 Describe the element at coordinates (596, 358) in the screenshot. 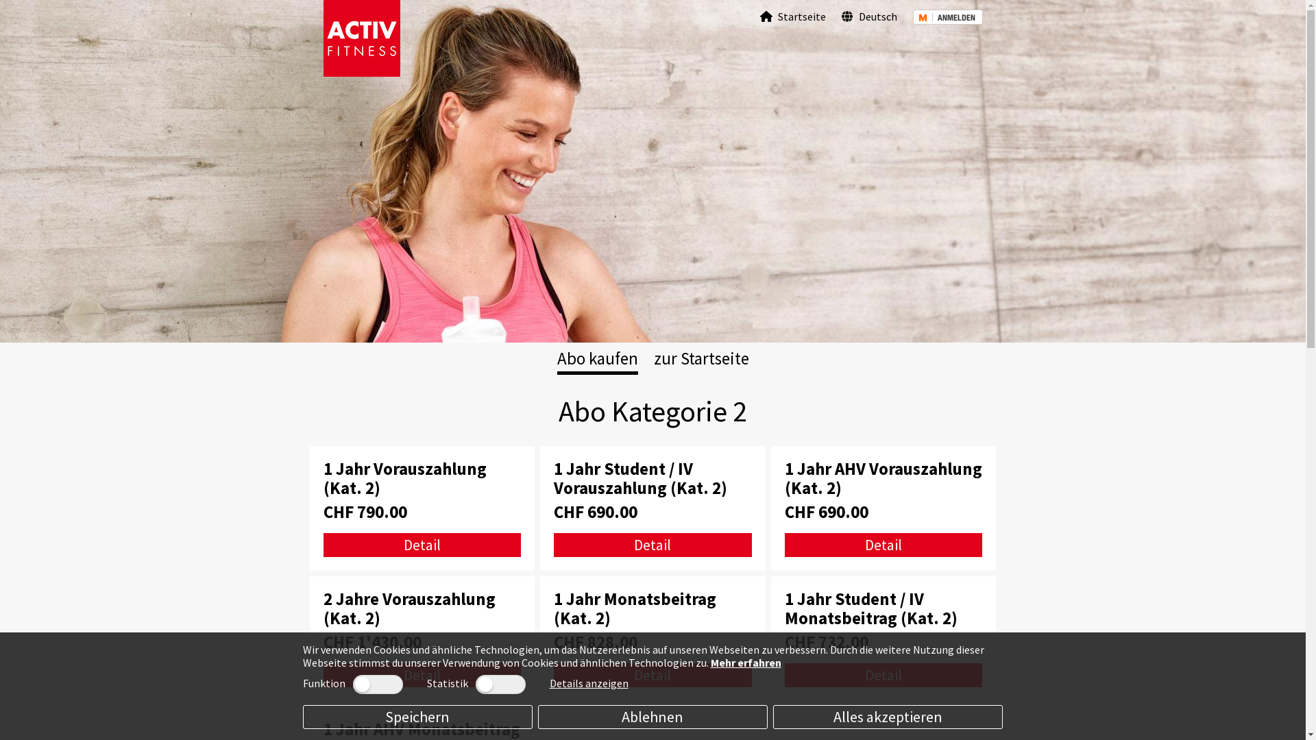

I see `'Abo kaufen'` at that location.